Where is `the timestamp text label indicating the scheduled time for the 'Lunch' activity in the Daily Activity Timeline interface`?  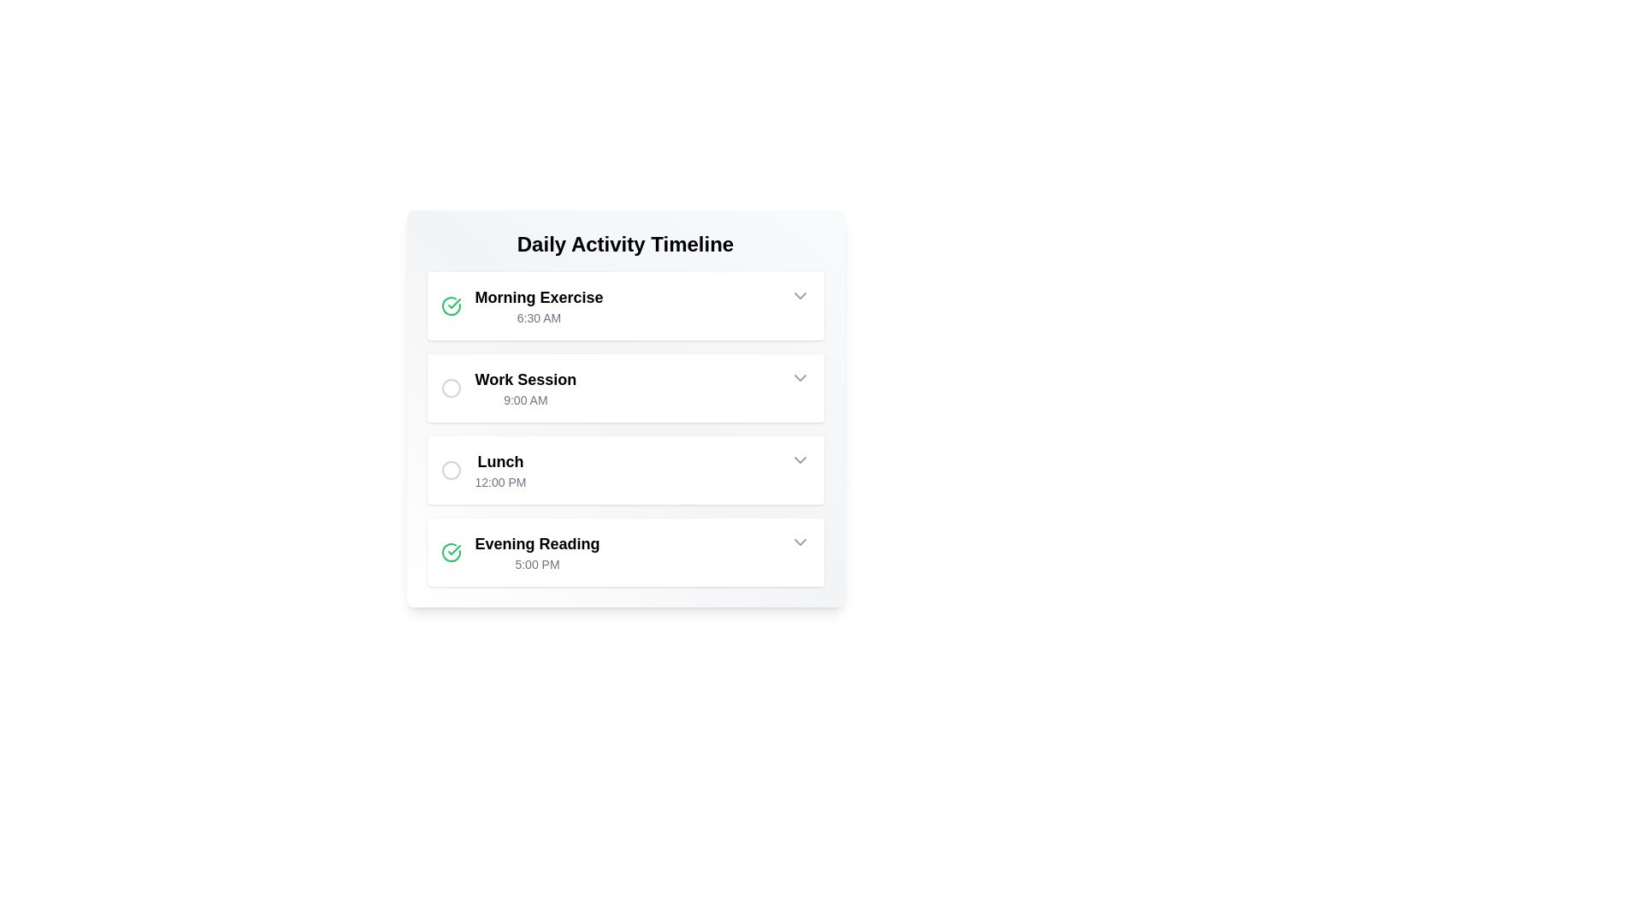 the timestamp text label indicating the scheduled time for the 'Lunch' activity in the Daily Activity Timeline interface is located at coordinates (499, 482).